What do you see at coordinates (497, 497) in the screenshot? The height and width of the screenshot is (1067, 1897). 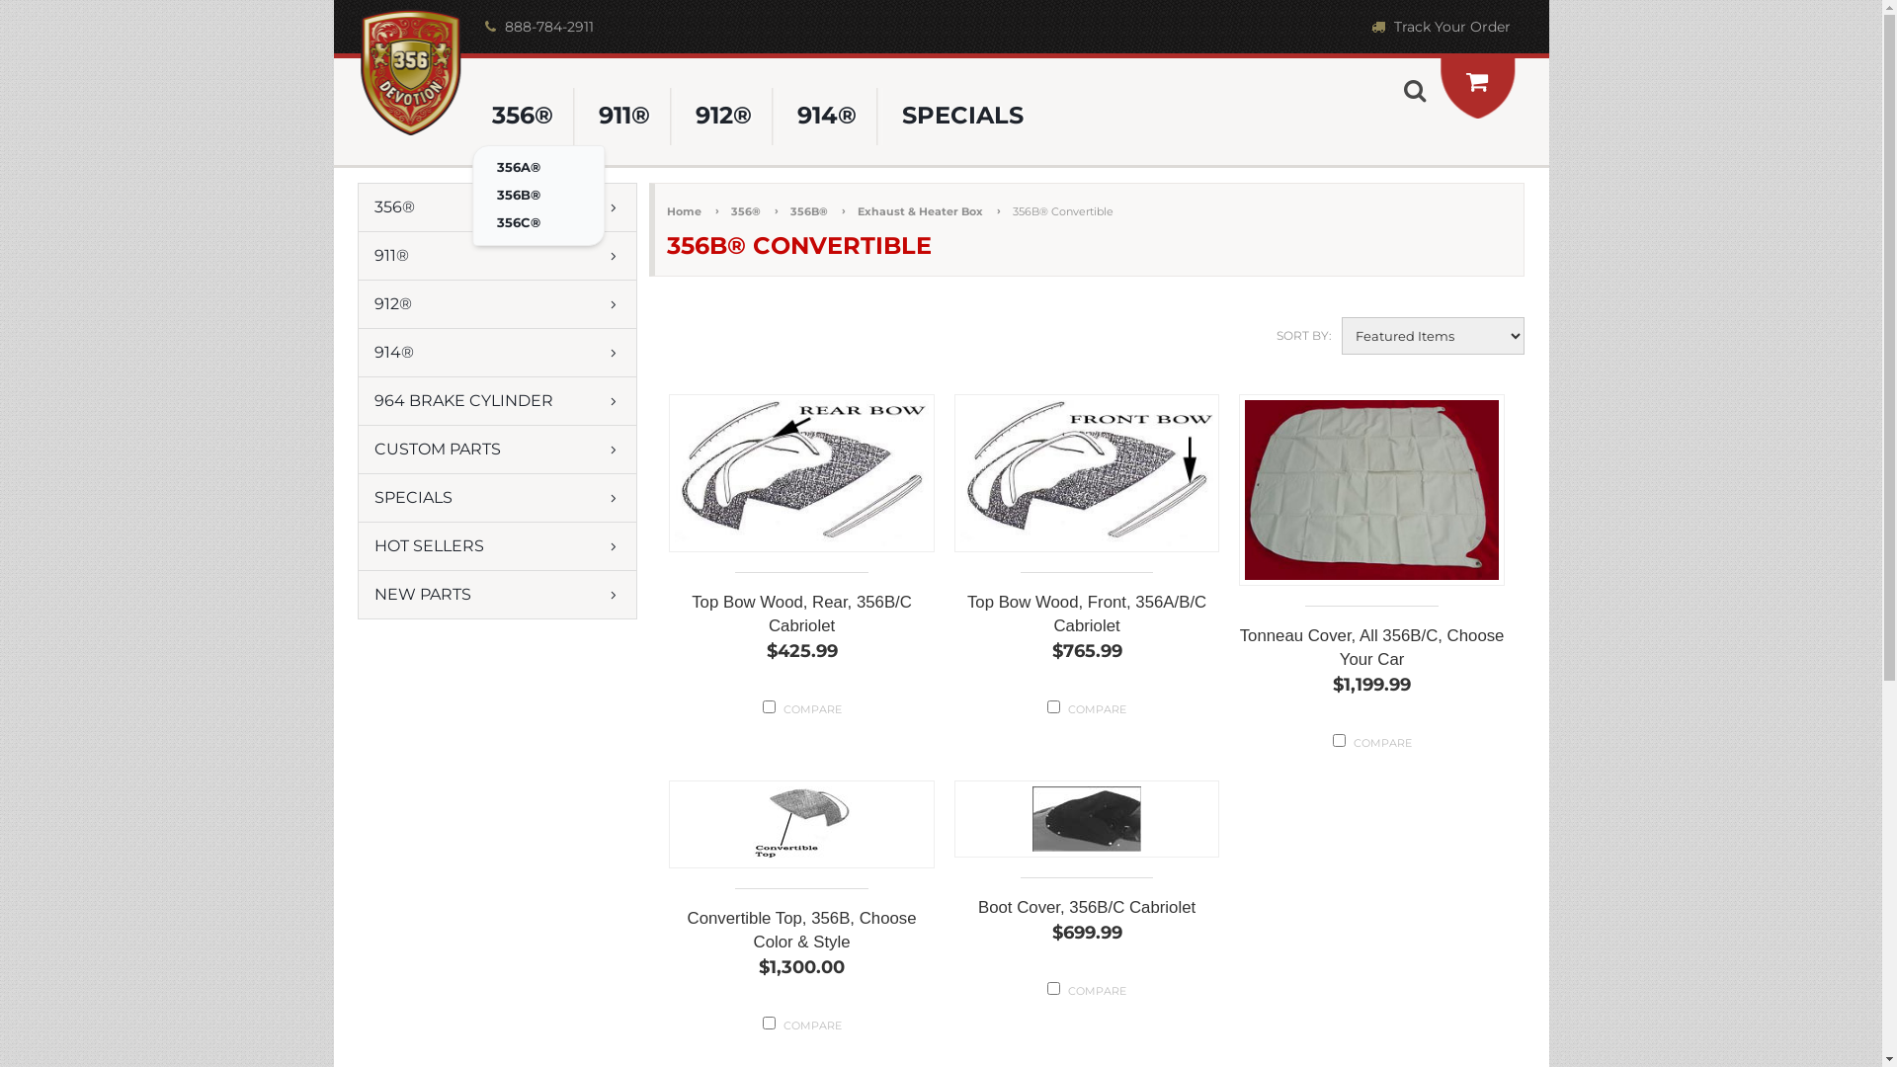 I see `'SPECIALS'` at bounding box center [497, 497].